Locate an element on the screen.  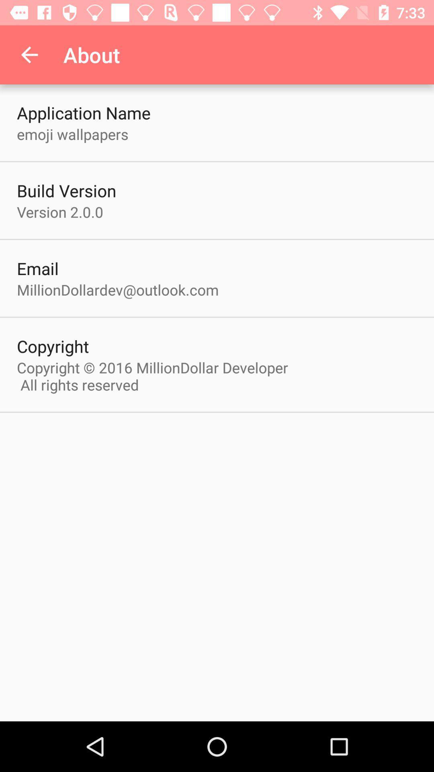
item below email icon is located at coordinates (118, 289).